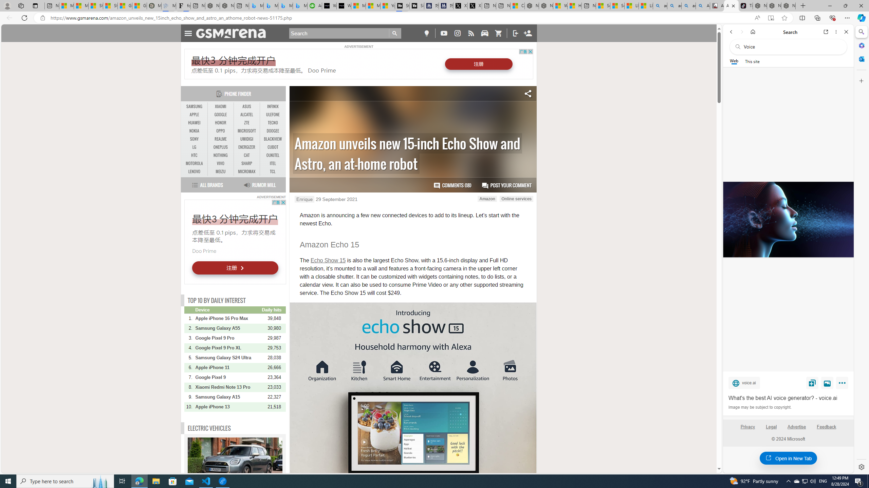  I want to click on 'MICROSOFT', so click(246, 131).